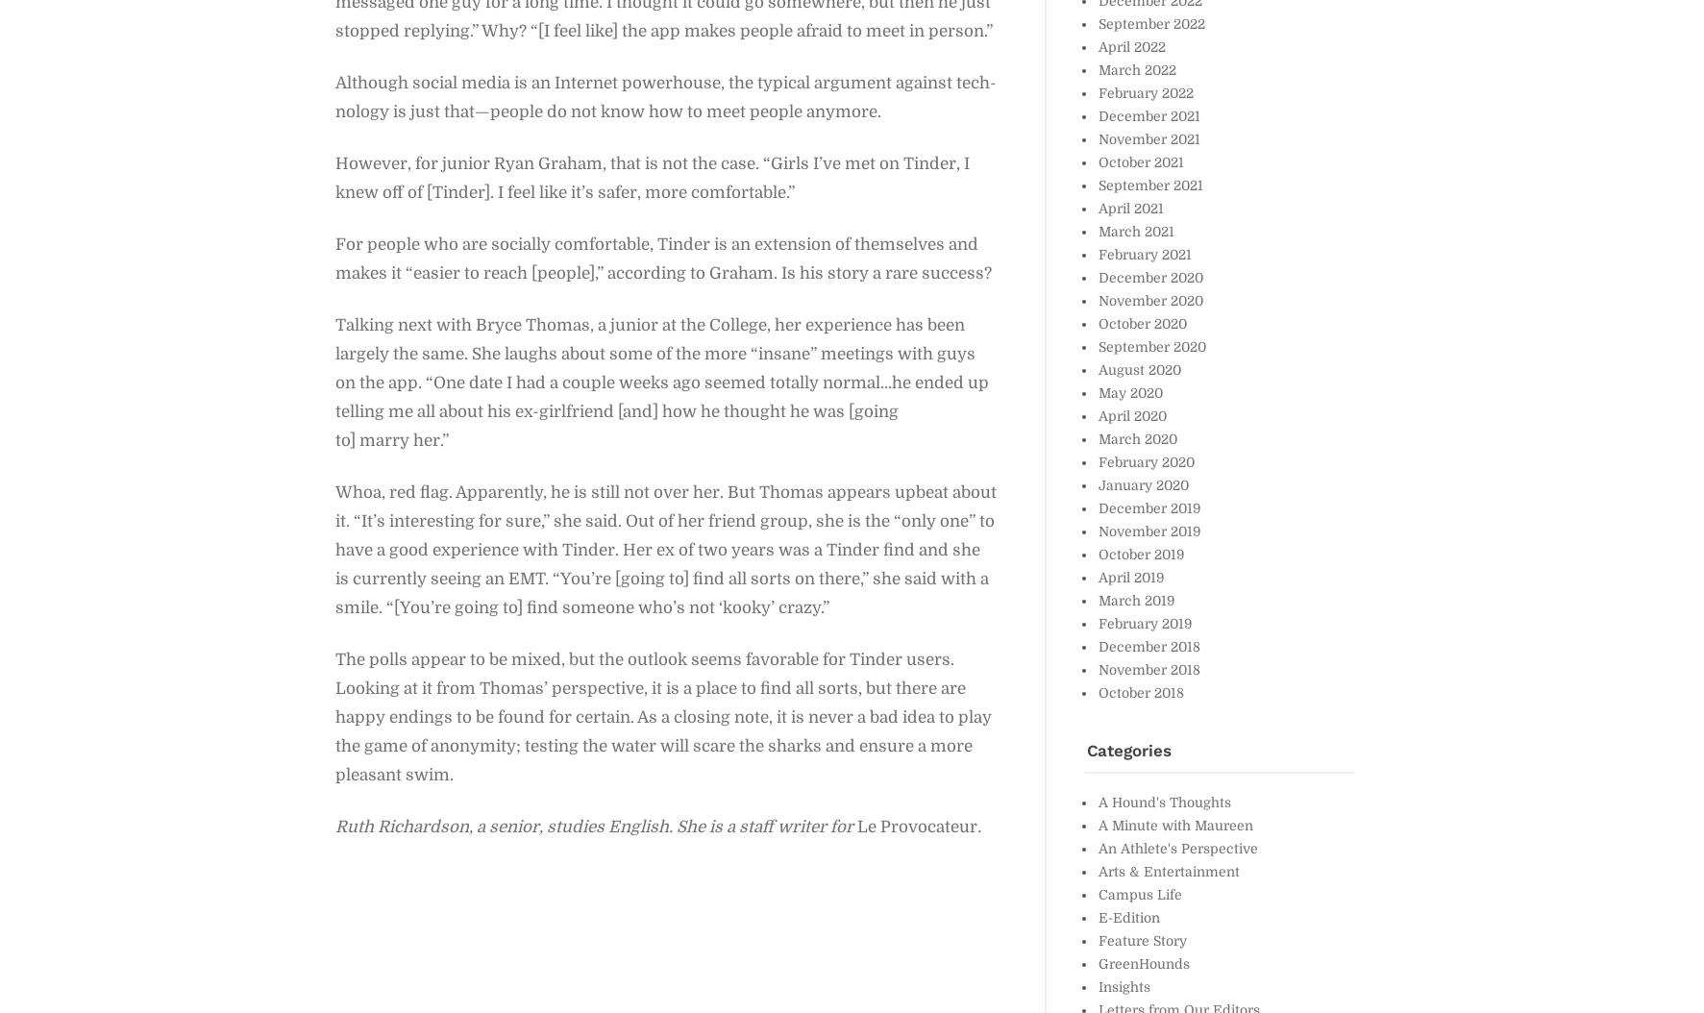  What do you see at coordinates (1148, 646) in the screenshot?
I see `'De­cem­ber 2018'` at bounding box center [1148, 646].